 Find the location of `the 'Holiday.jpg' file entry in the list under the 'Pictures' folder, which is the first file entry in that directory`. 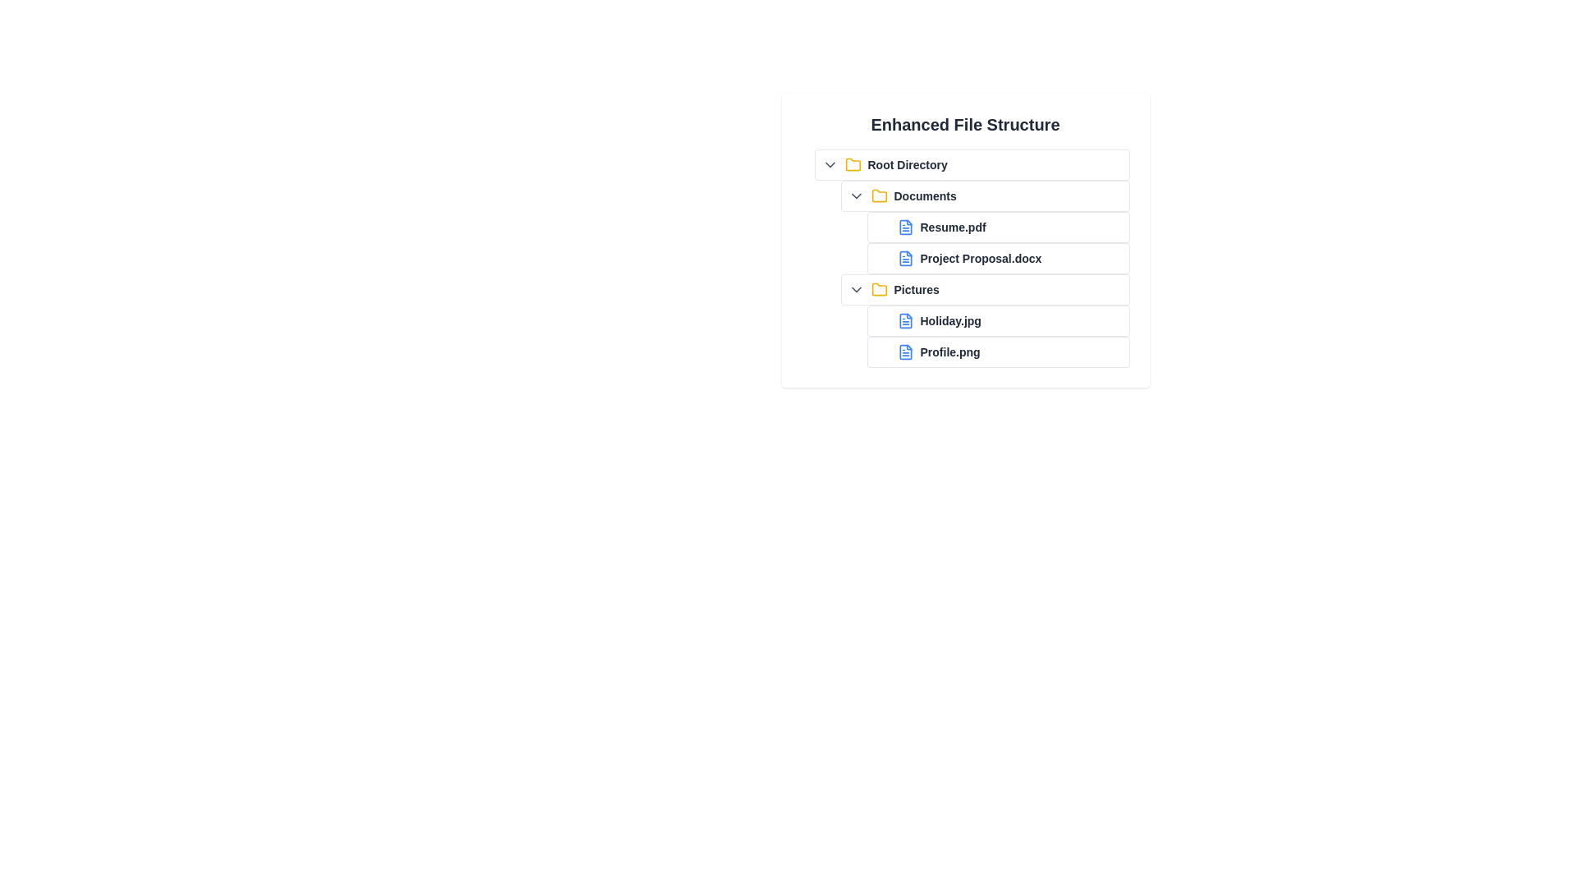

the 'Holiday.jpg' file entry in the list under the 'Pictures' folder, which is the first file entry in that directory is located at coordinates (991, 320).